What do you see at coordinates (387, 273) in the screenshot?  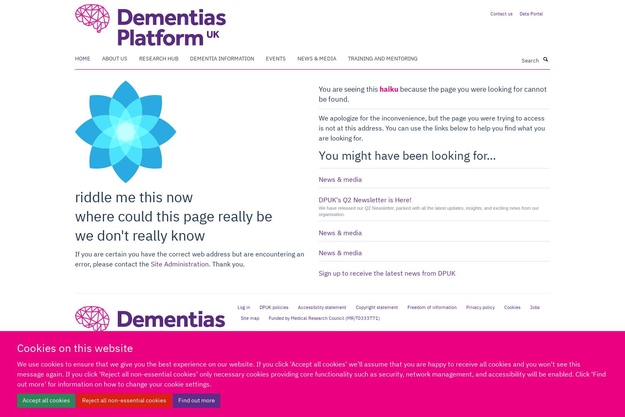 I see `'Sign up to receive the latest news from DPUK'` at bounding box center [387, 273].